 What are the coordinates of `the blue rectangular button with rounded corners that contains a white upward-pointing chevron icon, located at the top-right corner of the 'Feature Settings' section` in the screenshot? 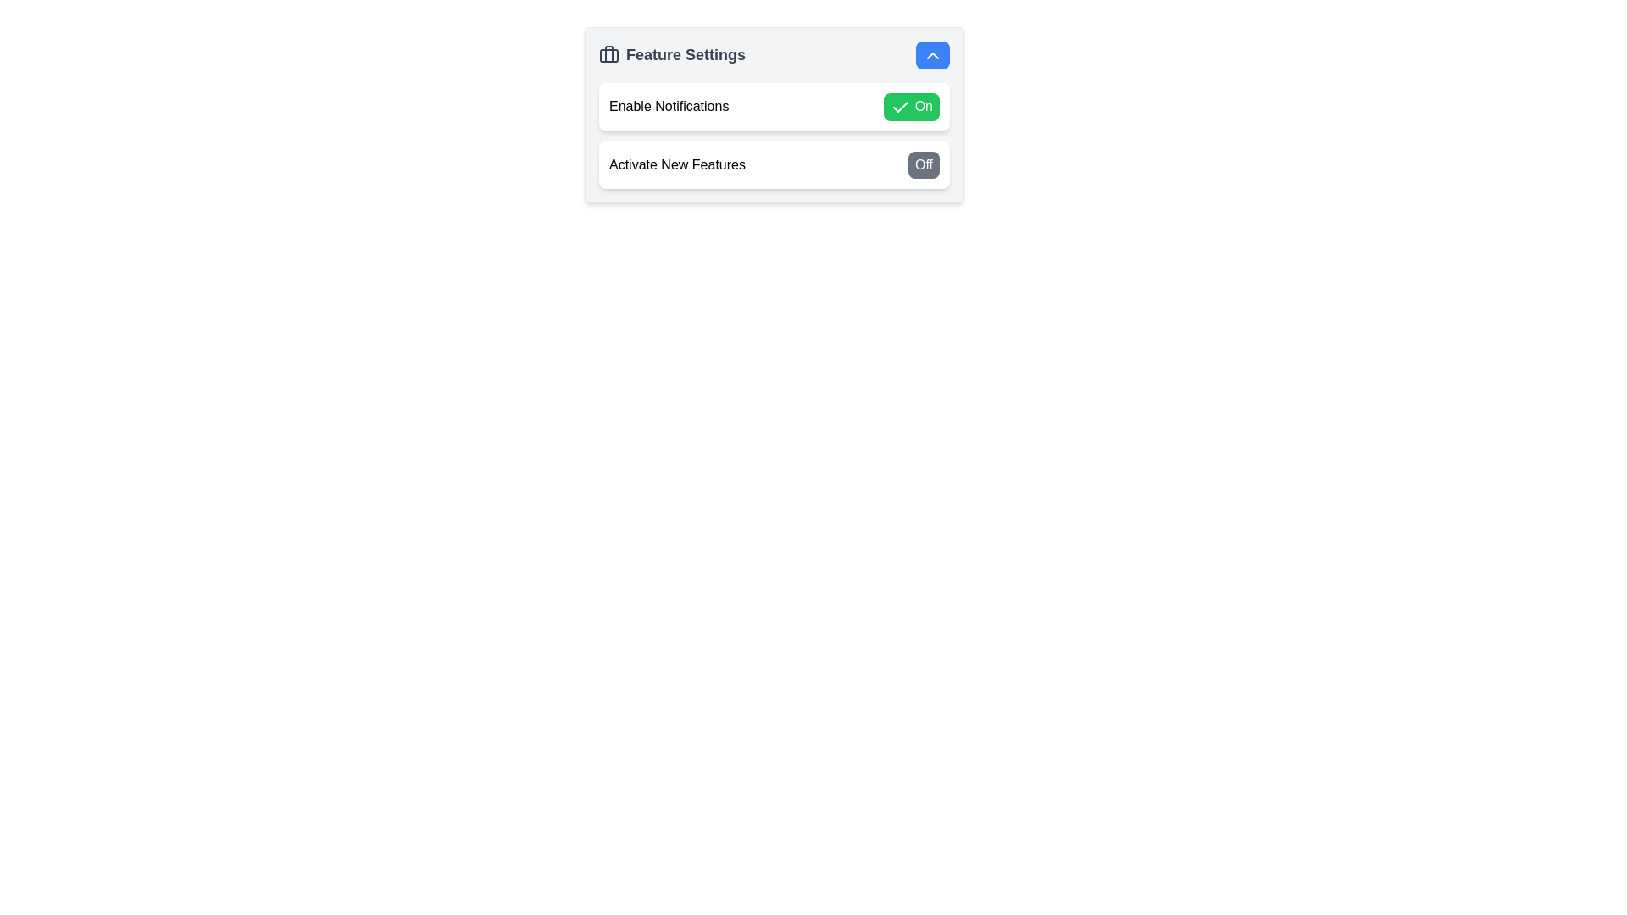 It's located at (931, 54).